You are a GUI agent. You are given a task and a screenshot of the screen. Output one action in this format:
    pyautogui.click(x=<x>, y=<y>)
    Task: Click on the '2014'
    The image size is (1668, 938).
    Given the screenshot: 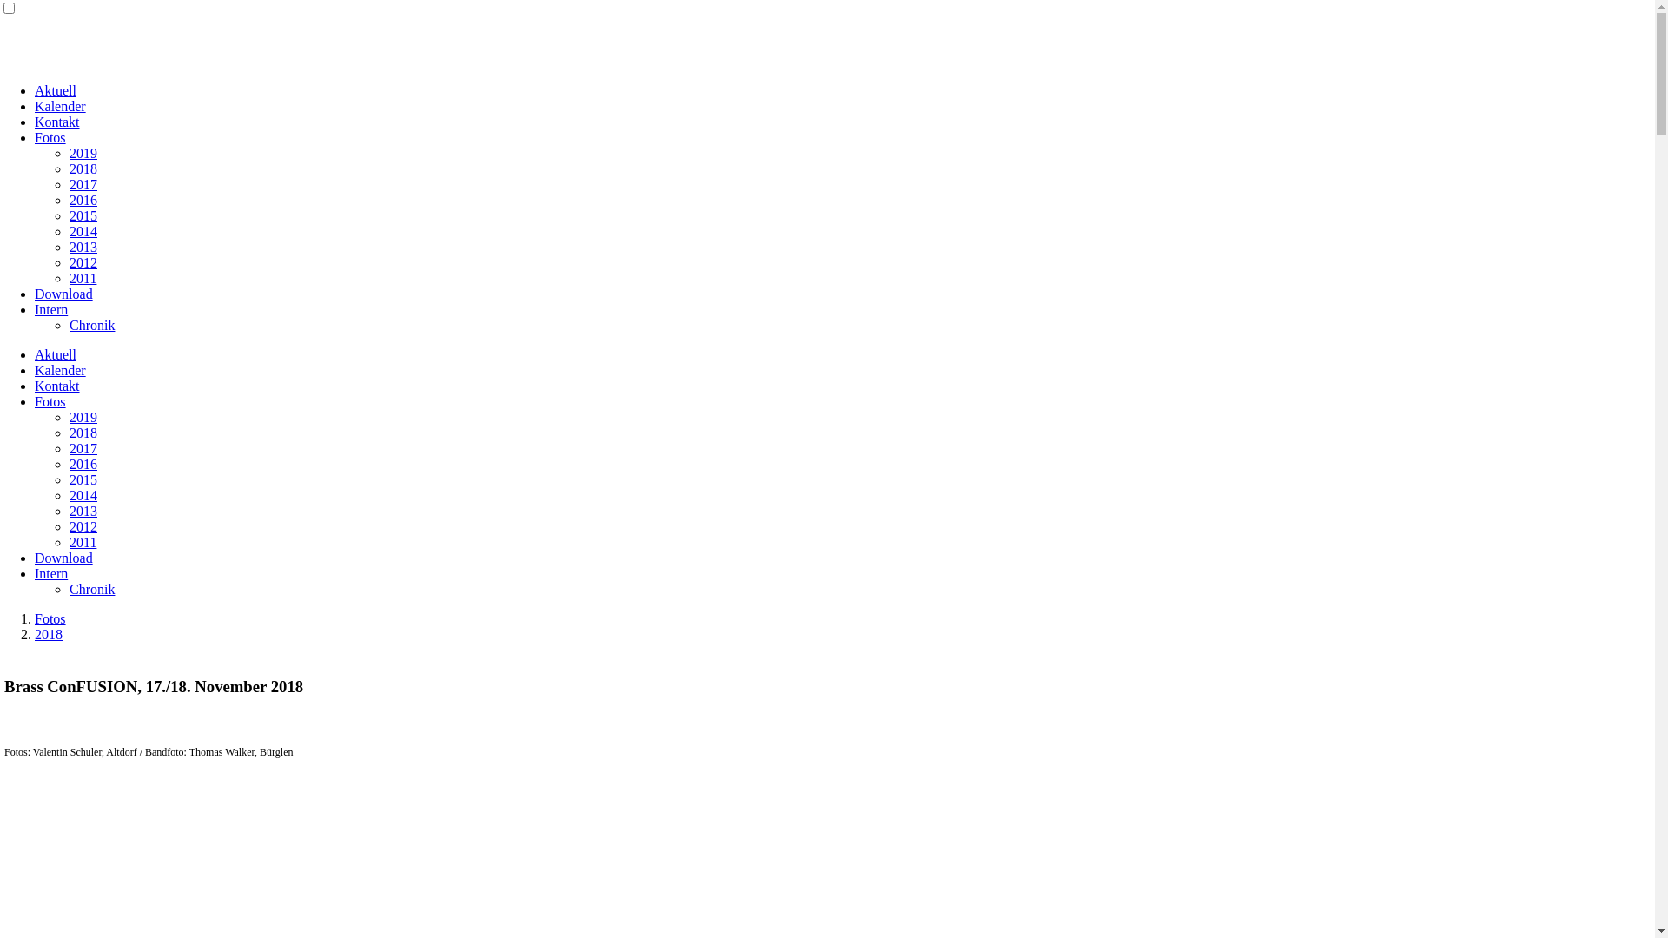 What is the action you would take?
    pyautogui.click(x=83, y=495)
    